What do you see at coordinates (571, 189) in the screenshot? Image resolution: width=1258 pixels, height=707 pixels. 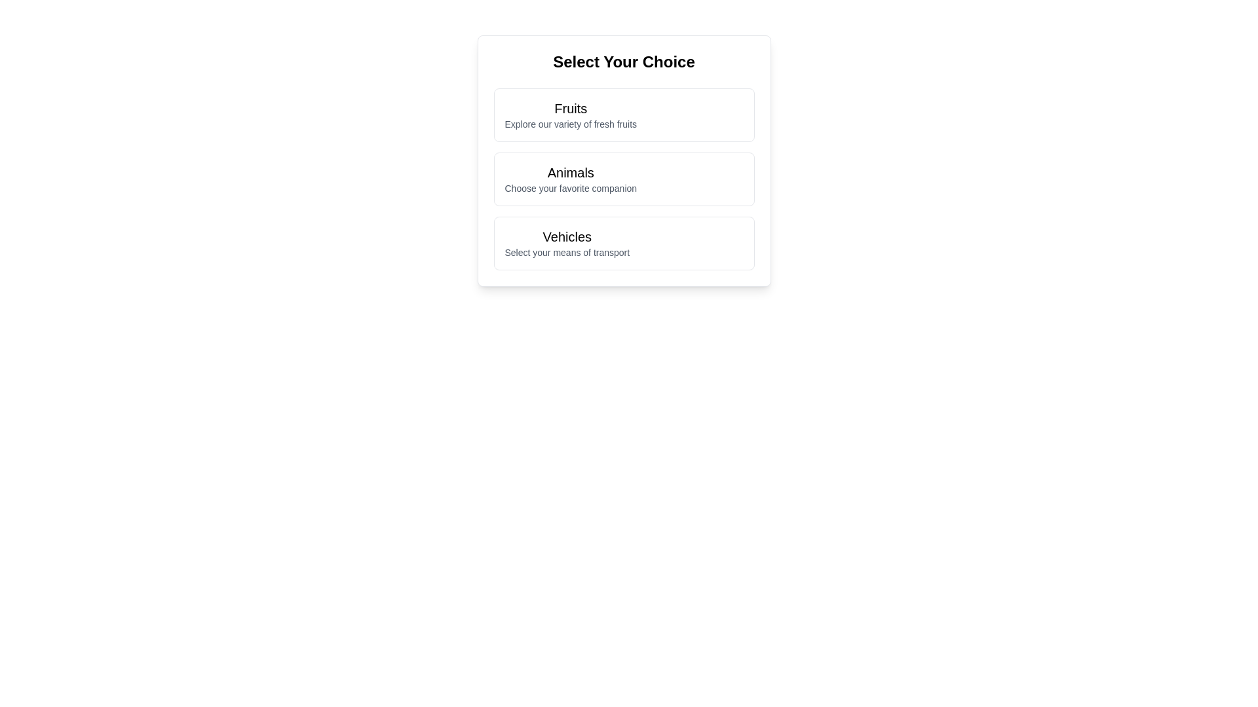 I see `the descriptive subtitle label for the 'Animals' category, which is positioned below the 'Animals' title and is in the middle section of a vertical list` at bounding box center [571, 189].